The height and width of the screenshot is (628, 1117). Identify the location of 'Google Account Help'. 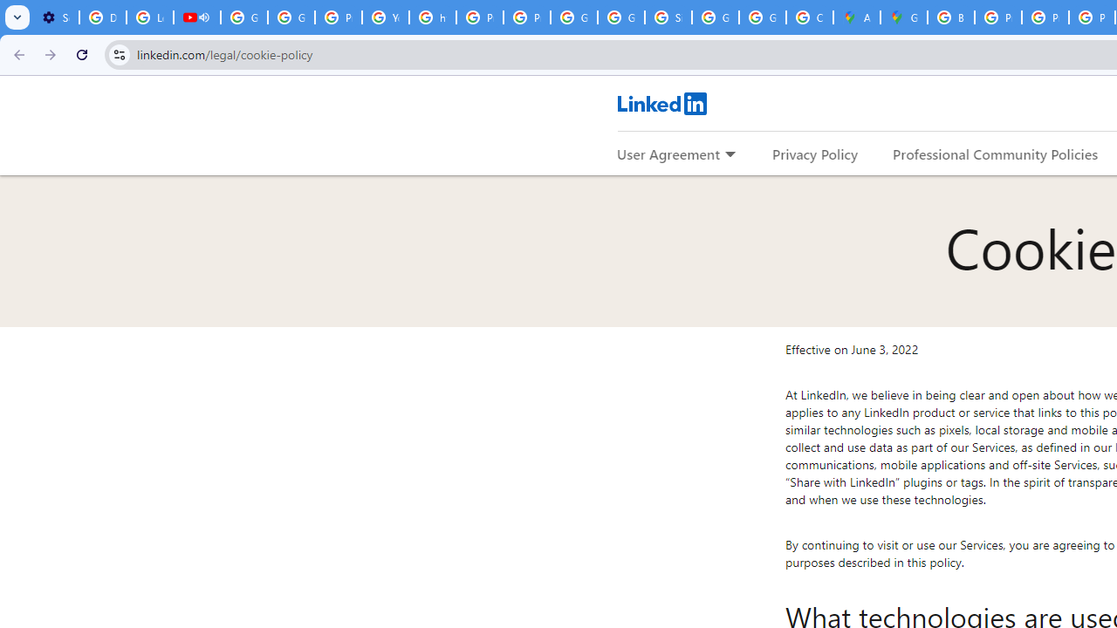
(243, 17).